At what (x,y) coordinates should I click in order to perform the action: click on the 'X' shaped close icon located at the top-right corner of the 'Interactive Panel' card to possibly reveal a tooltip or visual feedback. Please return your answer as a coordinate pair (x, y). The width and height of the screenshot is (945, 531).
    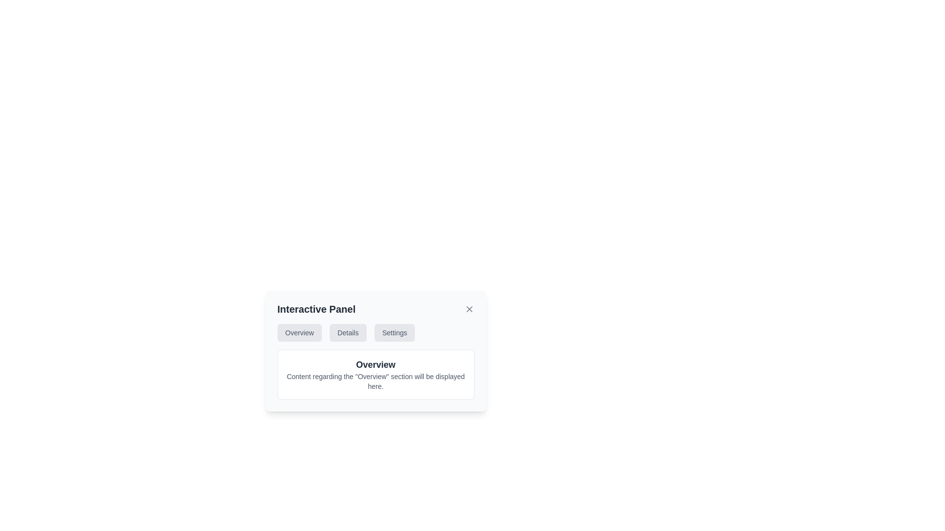
    Looking at the image, I should click on (469, 308).